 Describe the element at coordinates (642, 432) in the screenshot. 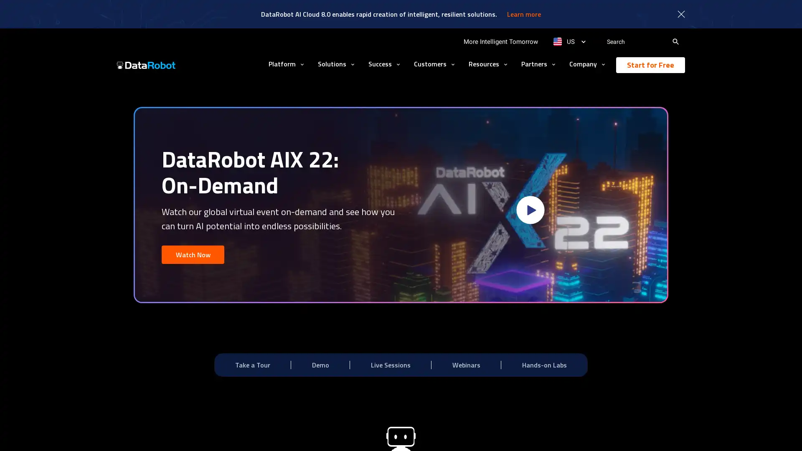

I see `Close` at that location.